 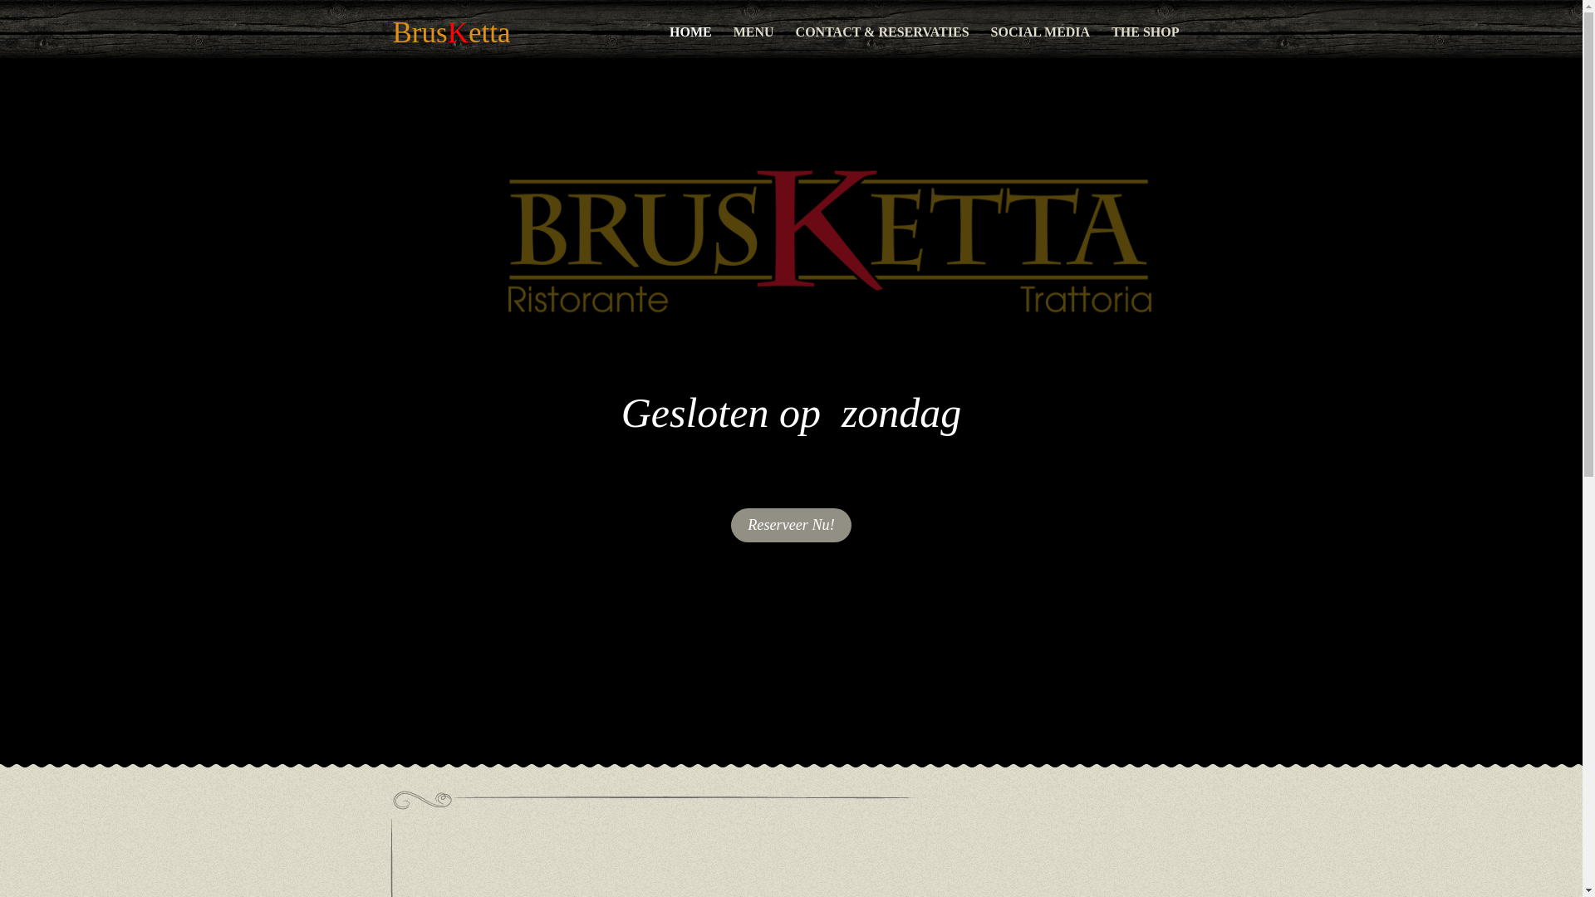 I want to click on 'SOCIAL MEDIA', so click(x=1039, y=32).